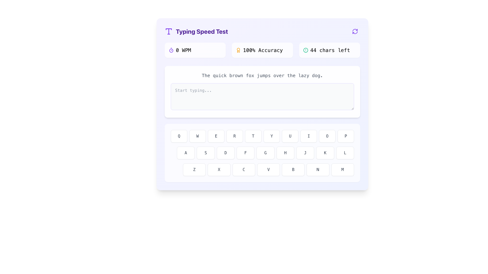 The height and width of the screenshot is (274, 488). Describe the element at coordinates (216, 136) in the screenshot. I see `the rectangular button with a white background and a capital letter 'E' centered in a monospaced font, which is the third button from the left in a grid of ten buttons at the top row of the keyboard layout to simulate a key press` at that location.